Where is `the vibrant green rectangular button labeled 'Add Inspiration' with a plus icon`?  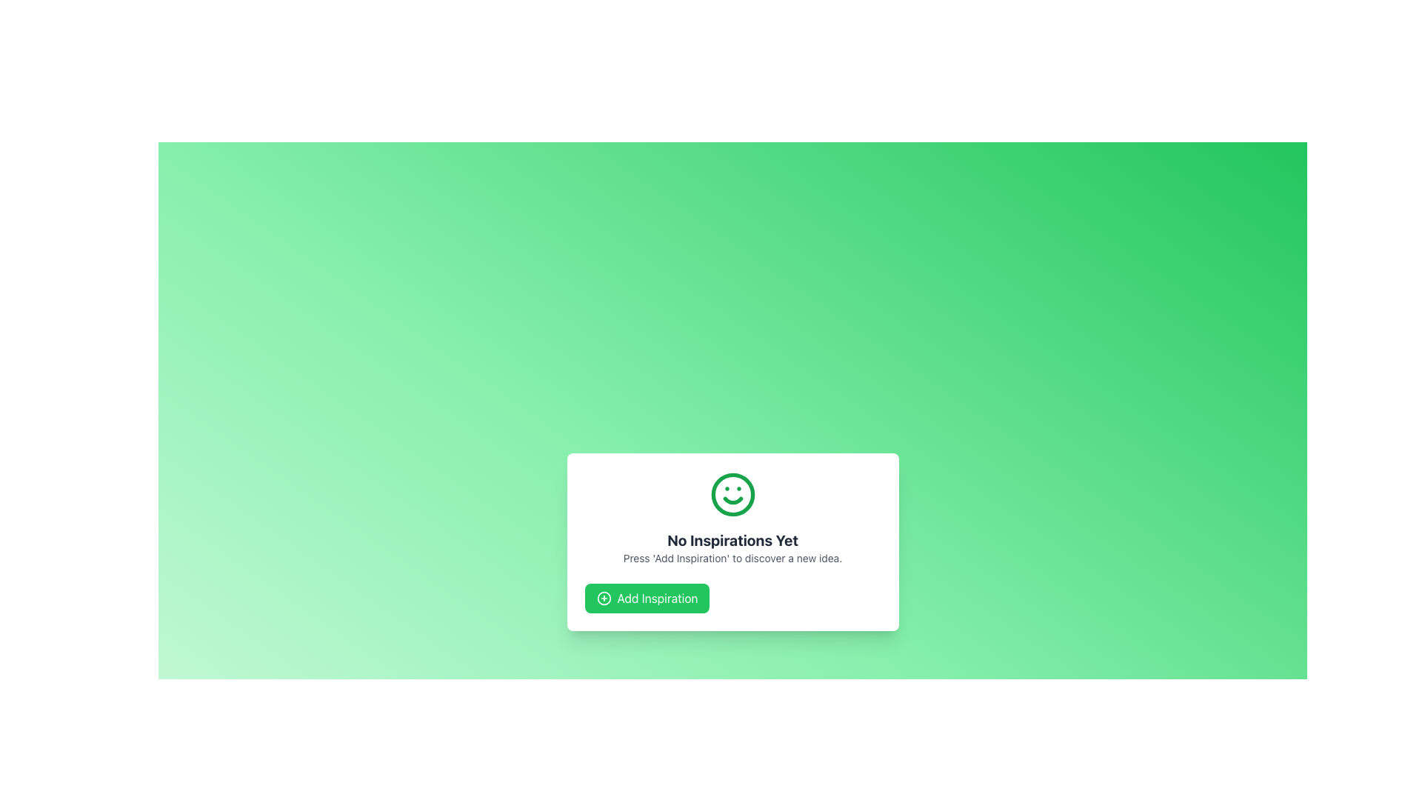
the vibrant green rectangular button labeled 'Add Inspiration' with a plus icon is located at coordinates (647, 597).